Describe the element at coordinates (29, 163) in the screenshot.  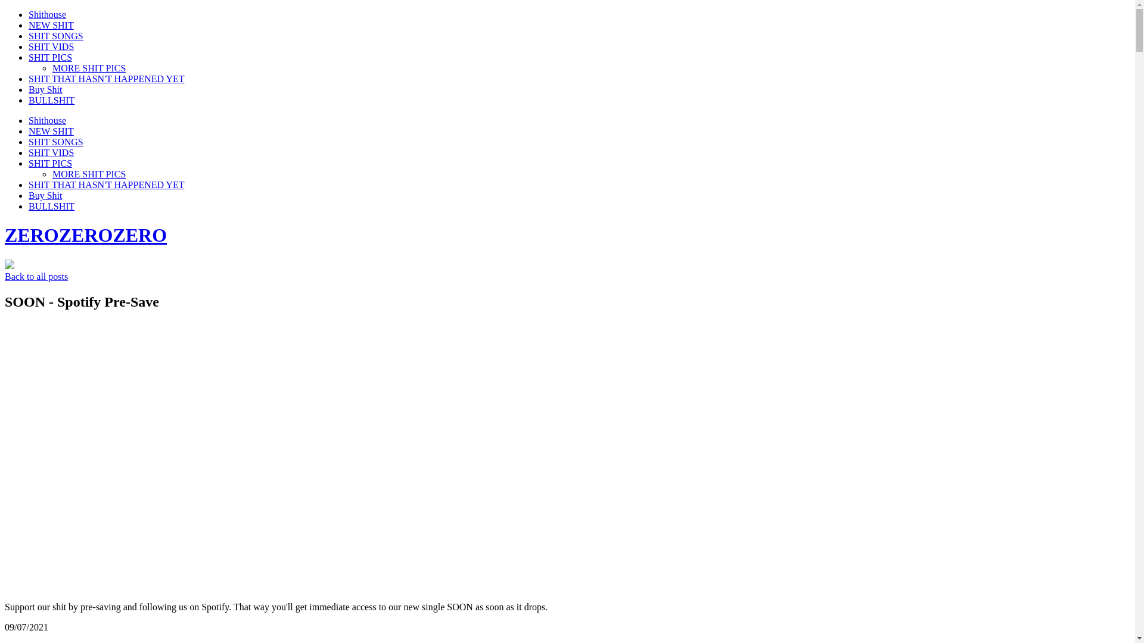
I see `'SHIT PICS'` at that location.